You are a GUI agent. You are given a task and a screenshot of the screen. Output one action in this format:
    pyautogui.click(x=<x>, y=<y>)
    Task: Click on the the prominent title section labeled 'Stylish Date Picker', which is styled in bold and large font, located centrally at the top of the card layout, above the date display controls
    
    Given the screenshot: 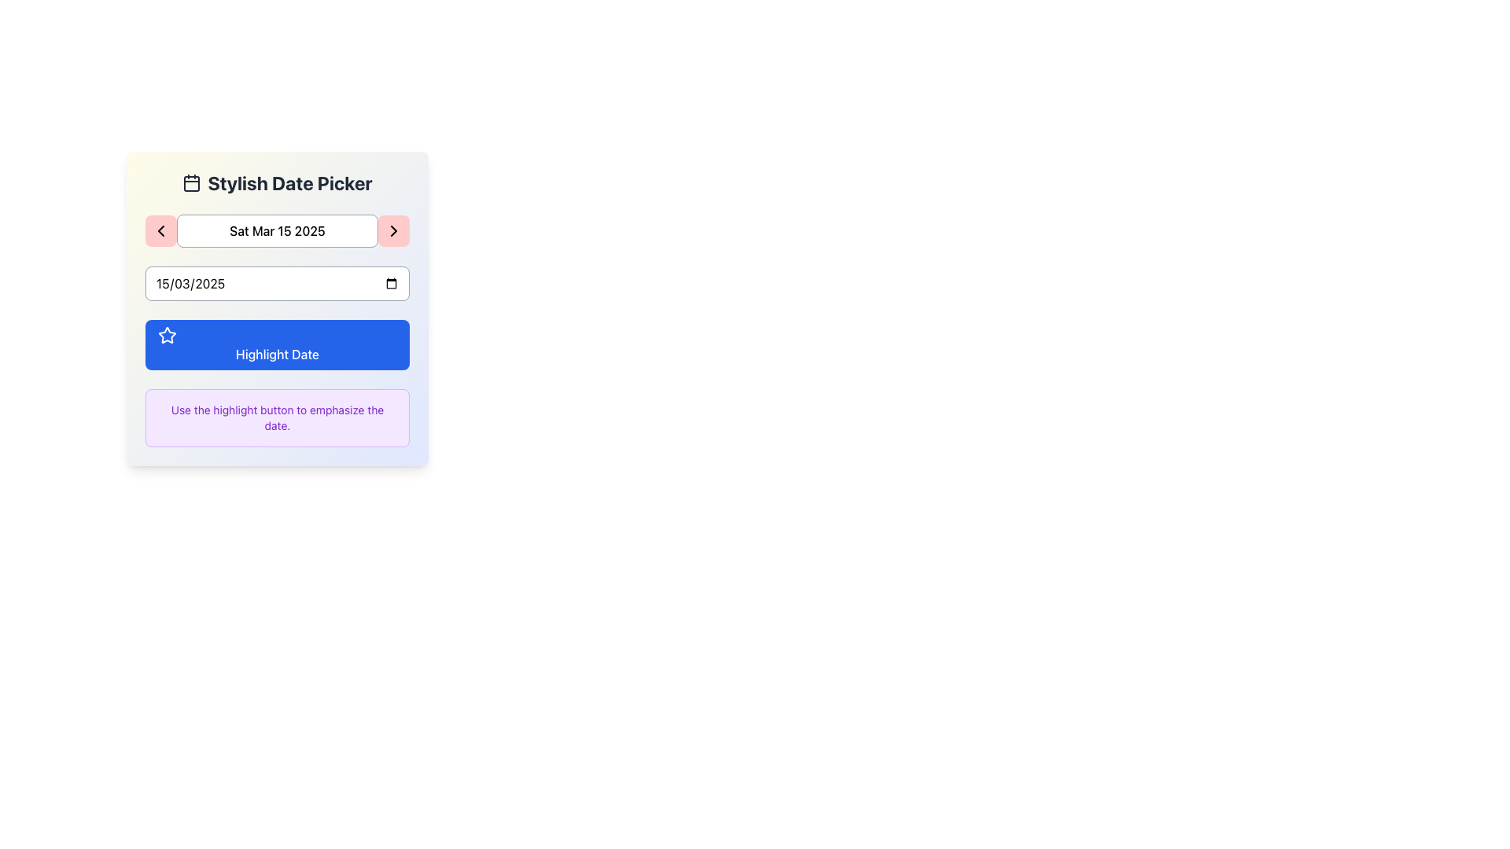 What is the action you would take?
    pyautogui.click(x=278, y=182)
    